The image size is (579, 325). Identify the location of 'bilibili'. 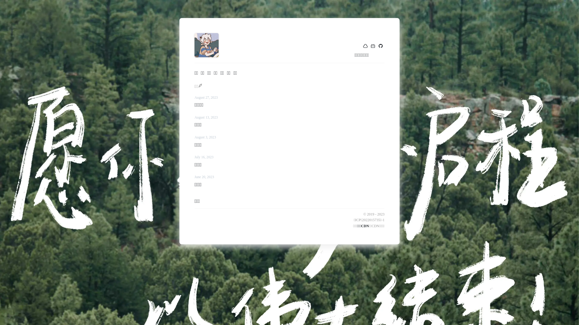
(373, 46).